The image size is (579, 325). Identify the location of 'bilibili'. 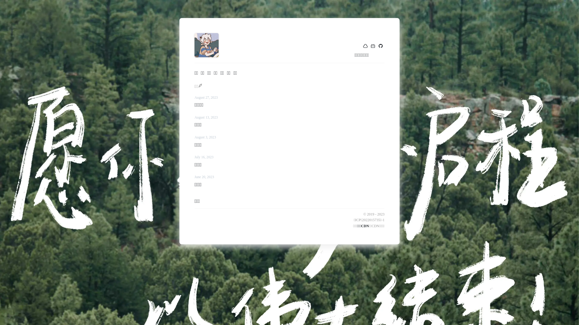
(373, 46).